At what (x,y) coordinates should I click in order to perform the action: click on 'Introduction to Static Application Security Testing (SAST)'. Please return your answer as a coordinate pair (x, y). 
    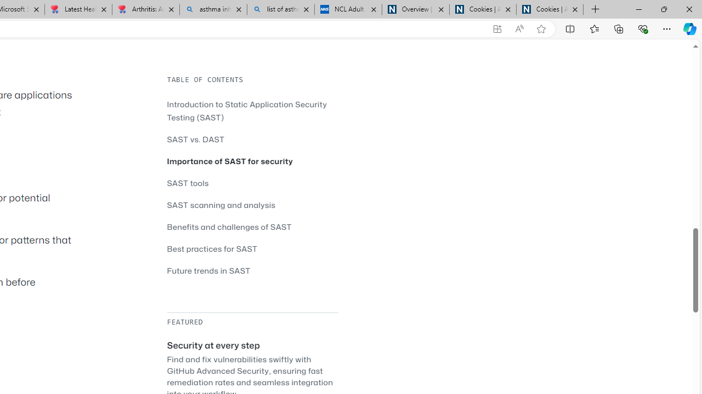
    Looking at the image, I should click on (252, 111).